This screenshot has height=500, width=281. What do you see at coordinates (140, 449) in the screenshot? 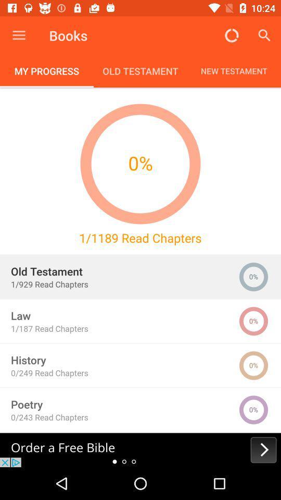
I see `follow the banner` at bounding box center [140, 449].